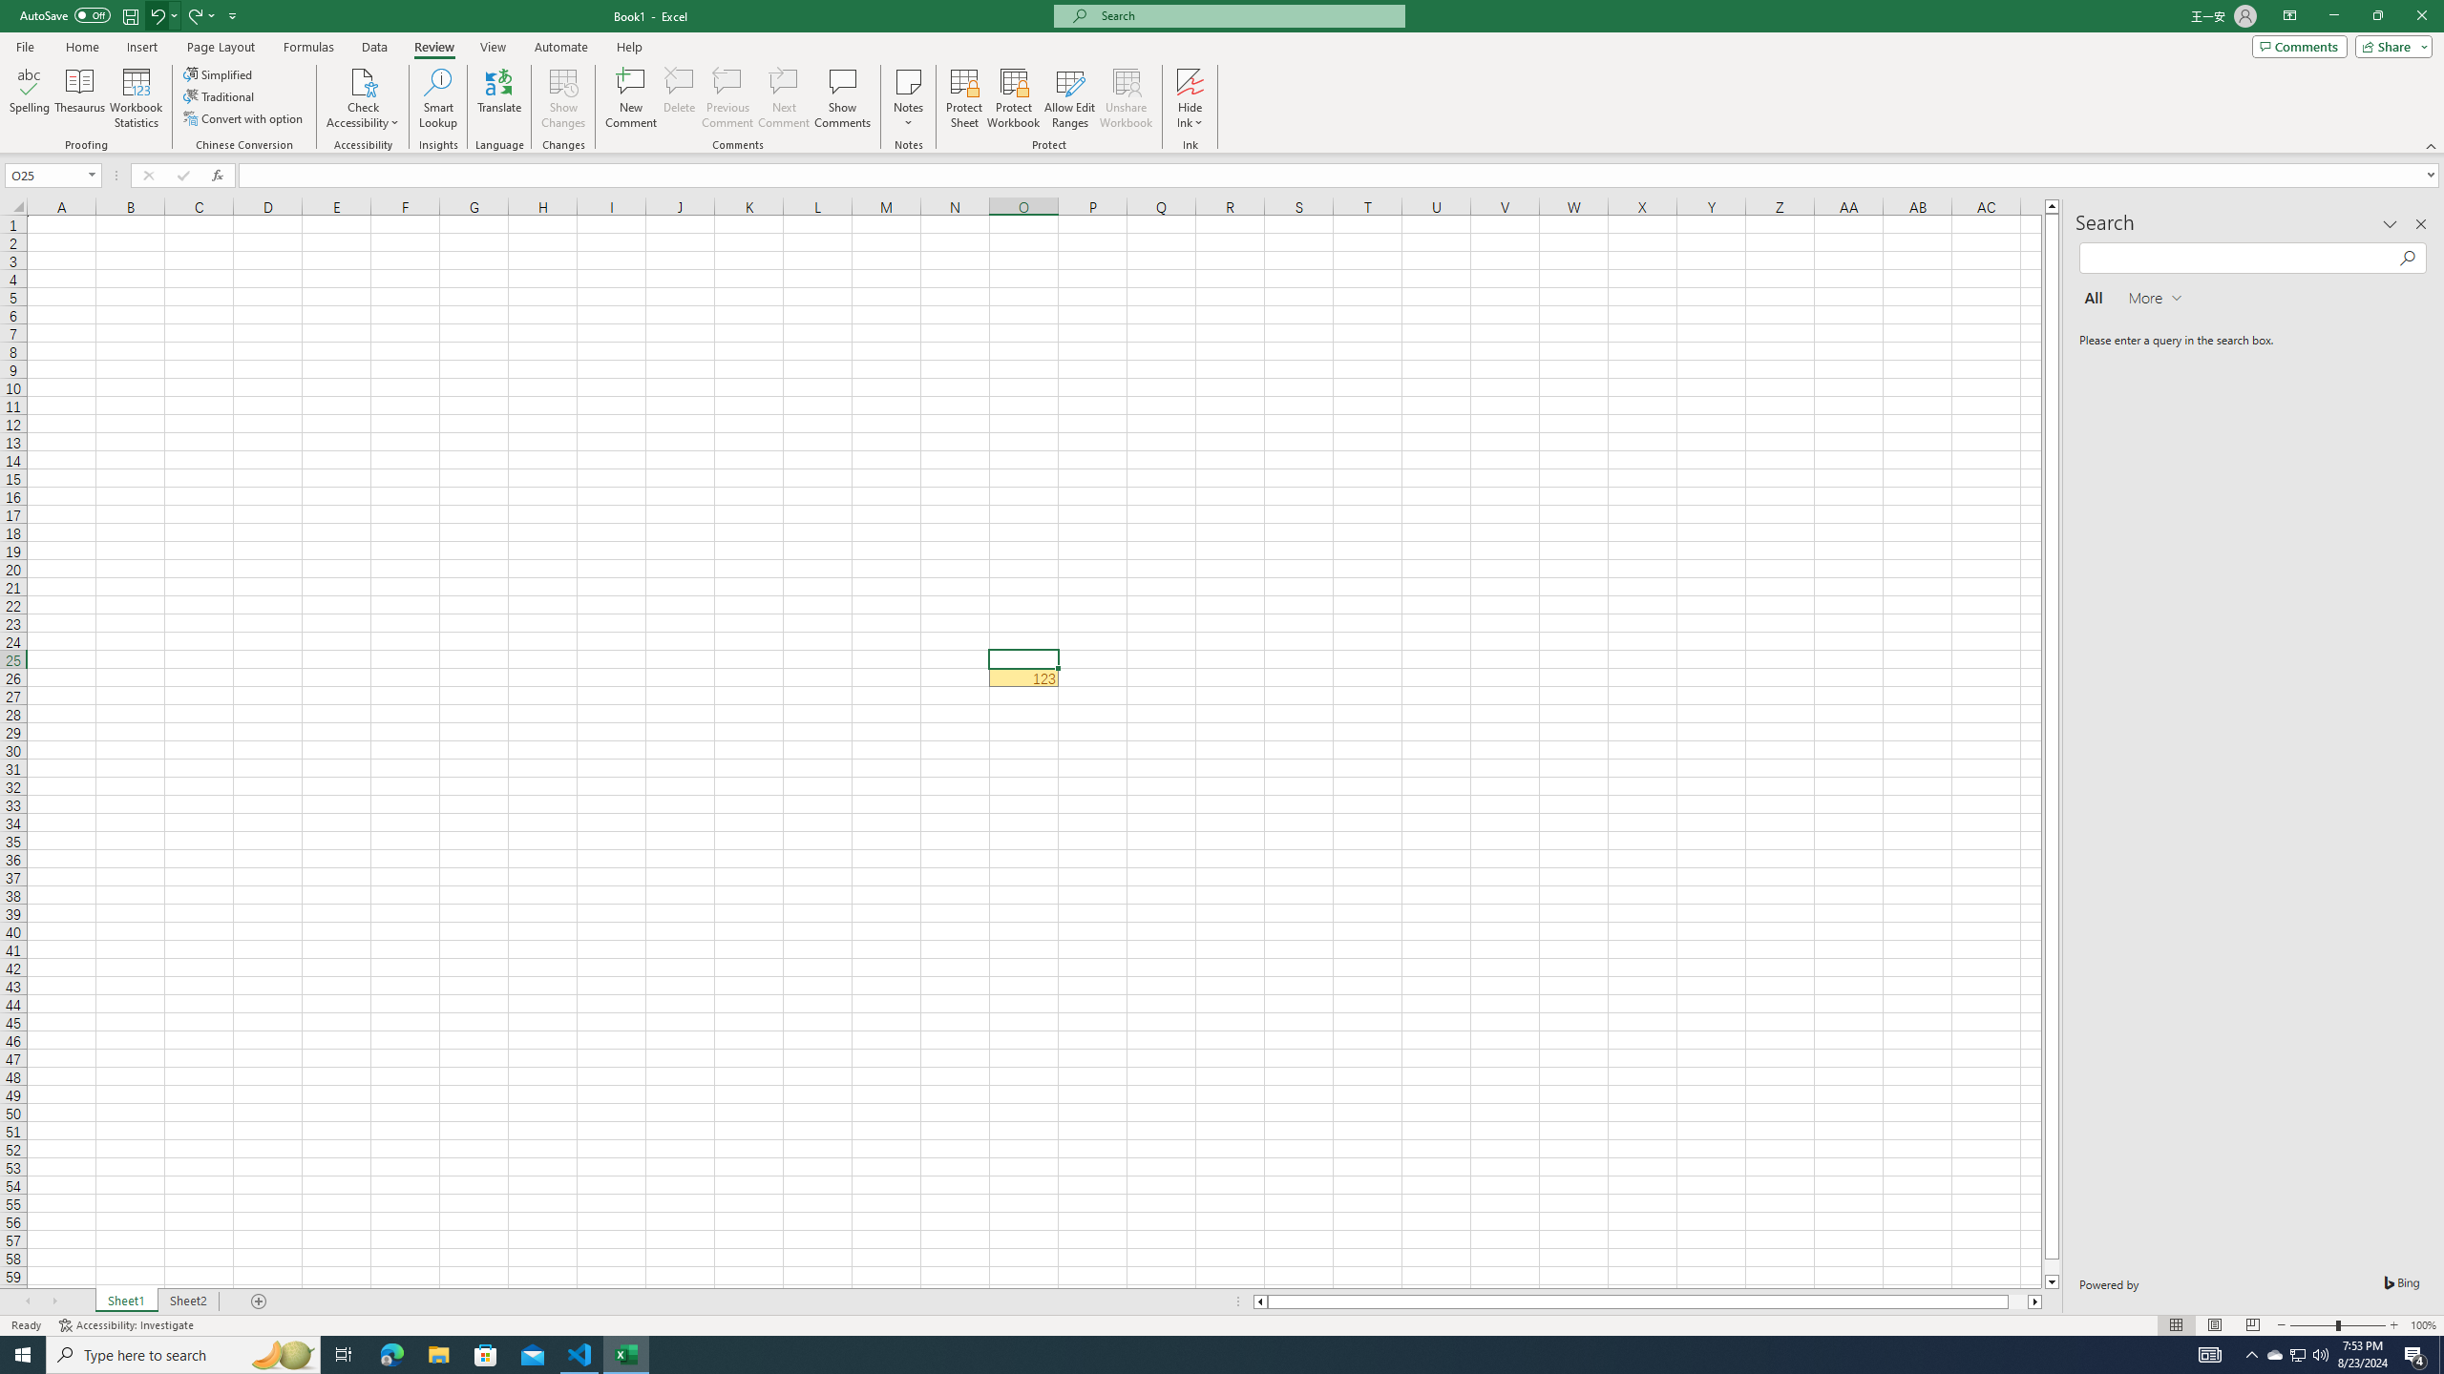 This screenshot has width=2444, height=1374. What do you see at coordinates (1013, 98) in the screenshot?
I see `'Protect Workbook...'` at bounding box center [1013, 98].